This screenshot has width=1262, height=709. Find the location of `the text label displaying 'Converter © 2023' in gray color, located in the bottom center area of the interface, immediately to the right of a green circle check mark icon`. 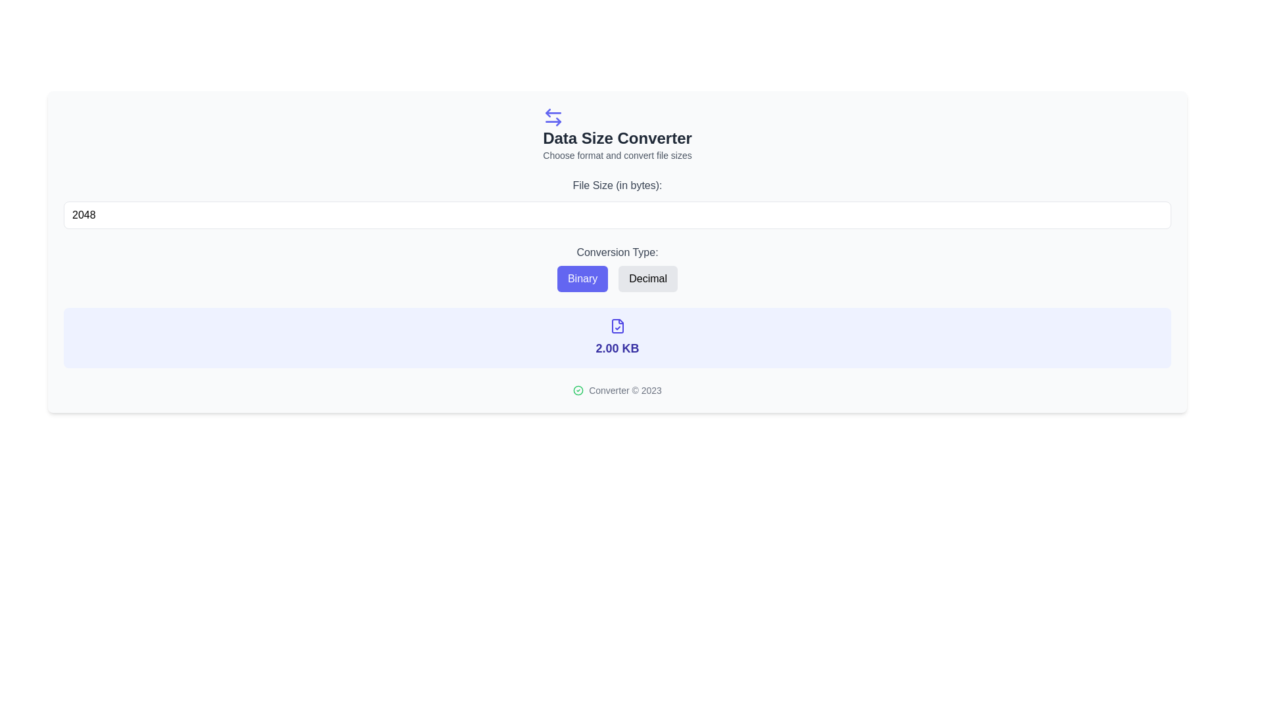

the text label displaying 'Converter © 2023' in gray color, located in the bottom center area of the interface, immediately to the right of a green circle check mark icon is located at coordinates (624, 389).